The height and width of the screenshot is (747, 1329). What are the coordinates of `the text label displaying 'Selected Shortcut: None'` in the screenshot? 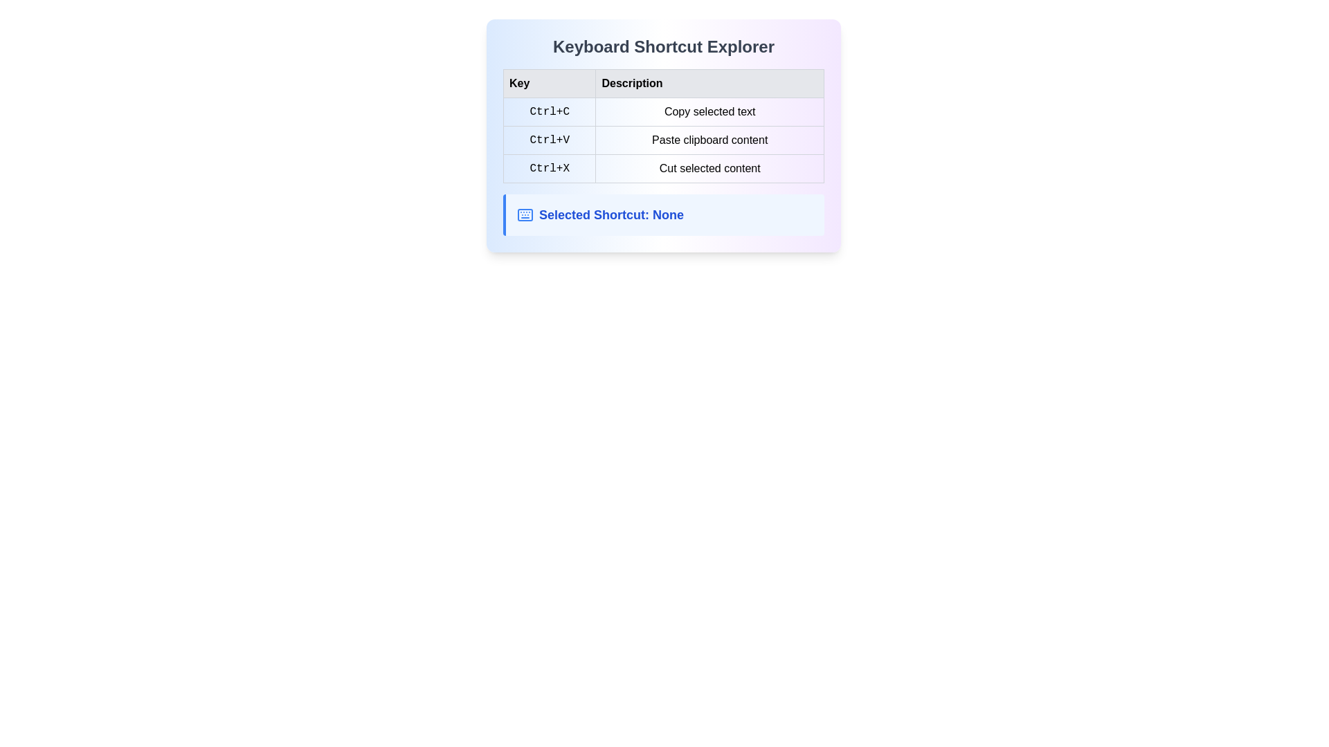 It's located at (611, 215).